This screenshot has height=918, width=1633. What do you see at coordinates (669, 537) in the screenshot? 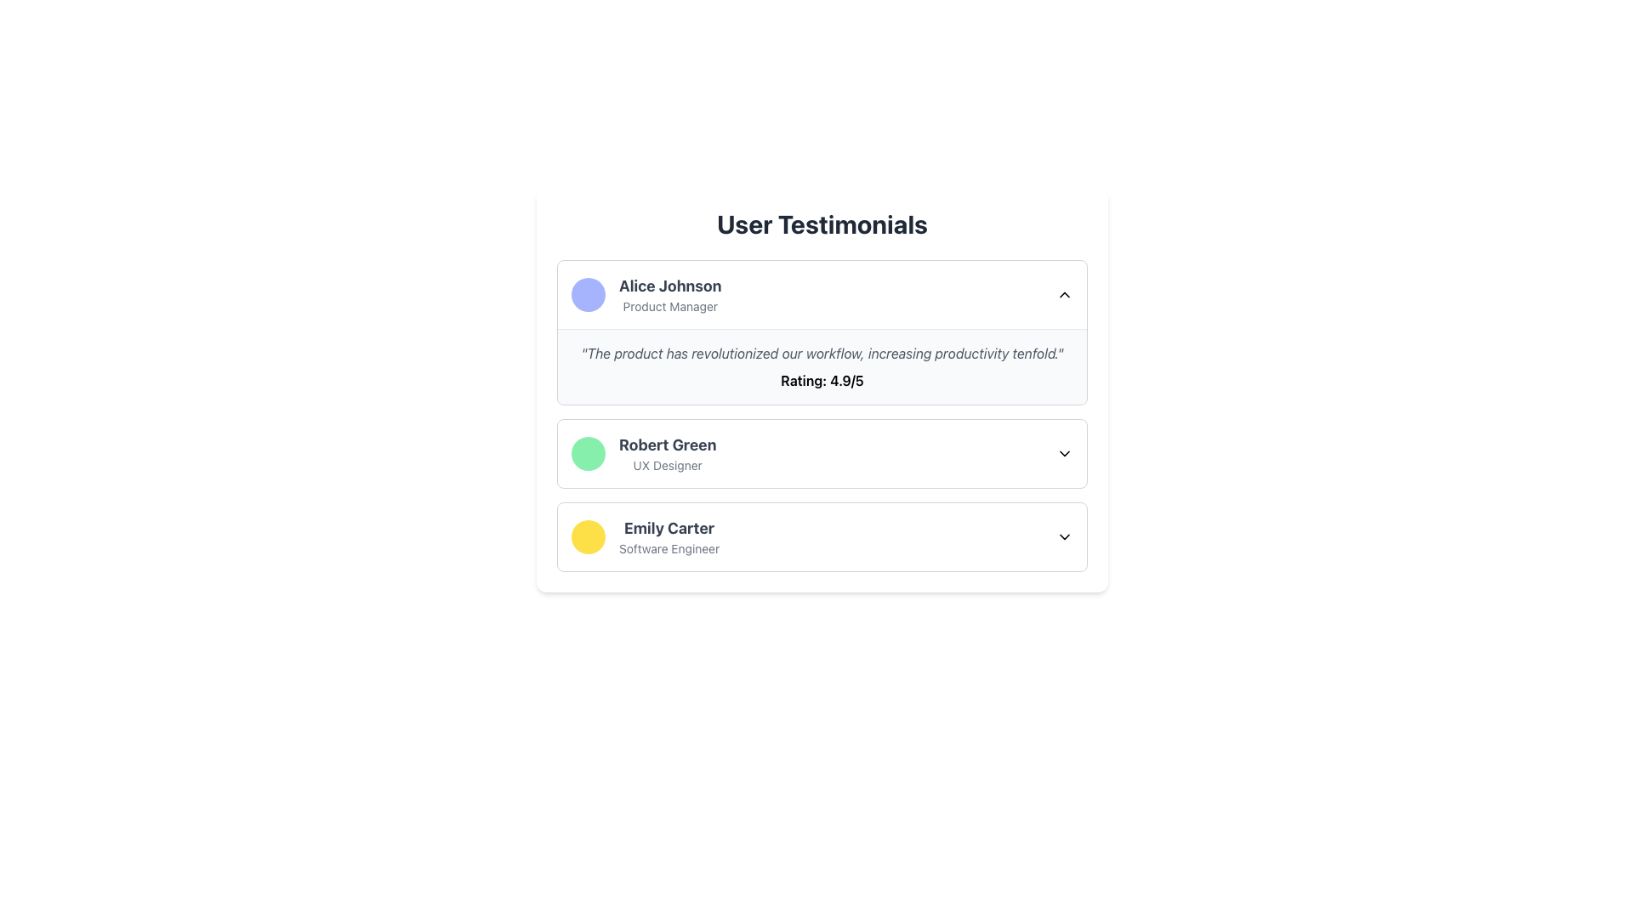
I see `the text block displaying user identification information, located in the 'User Testimonials' section, specifically under the third item in the list, to the right of a yellow circular avatar` at bounding box center [669, 537].